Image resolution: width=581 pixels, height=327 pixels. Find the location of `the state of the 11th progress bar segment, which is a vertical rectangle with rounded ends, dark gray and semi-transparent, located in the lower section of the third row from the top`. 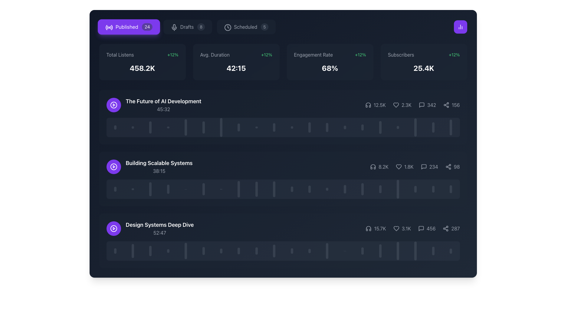

the state of the 11th progress bar segment, which is a vertical rectangle with rounded ends, dark gray and semi-transparent, located in the lower section of the third row from the top is located at coordinates (292, 251).